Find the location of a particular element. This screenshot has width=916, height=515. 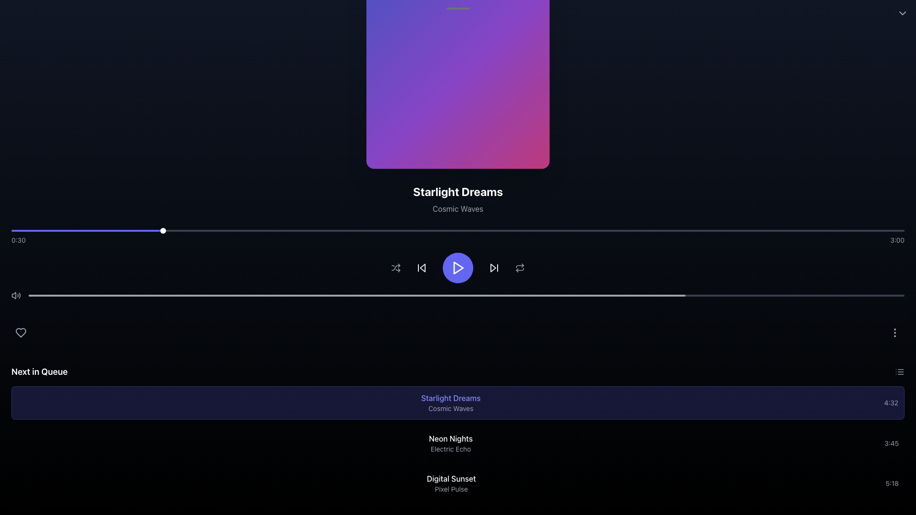

playback position is located at coordinates (781, 230).